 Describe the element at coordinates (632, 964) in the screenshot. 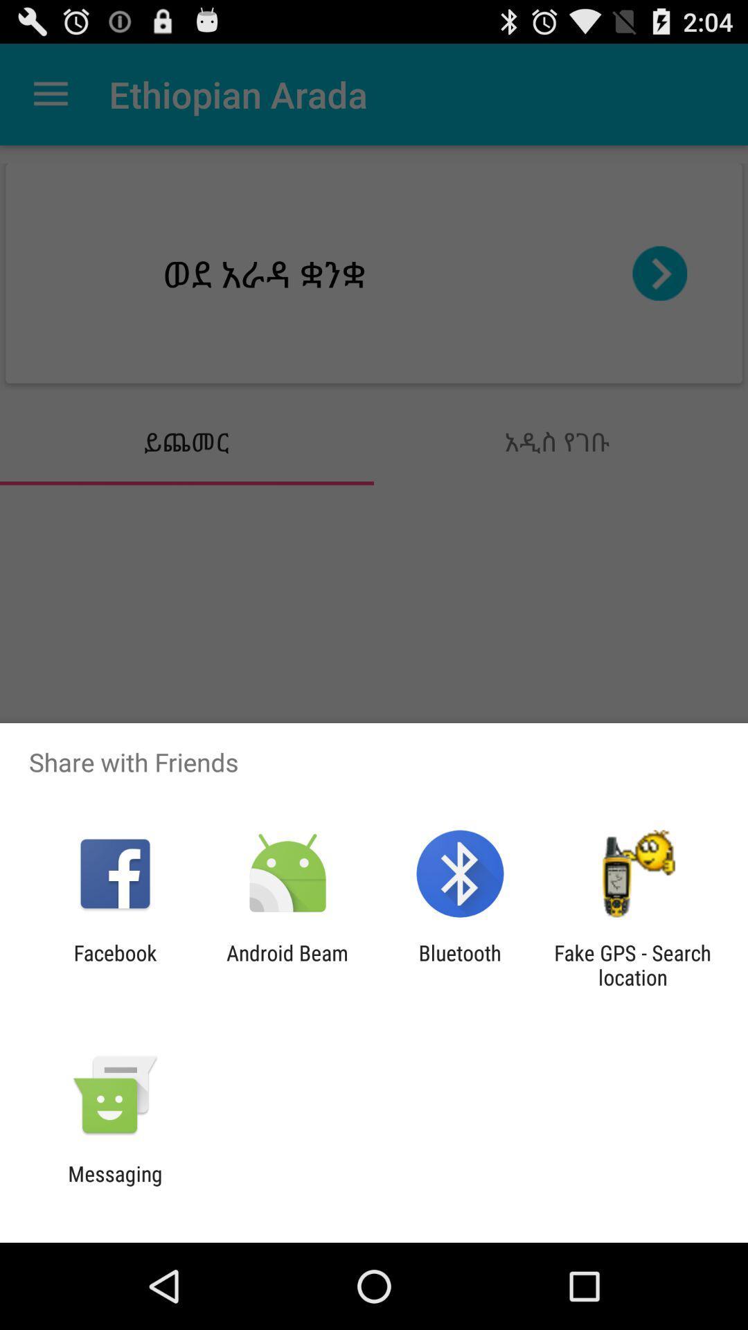

I see `item to the right of the bluetooth item` at that location.